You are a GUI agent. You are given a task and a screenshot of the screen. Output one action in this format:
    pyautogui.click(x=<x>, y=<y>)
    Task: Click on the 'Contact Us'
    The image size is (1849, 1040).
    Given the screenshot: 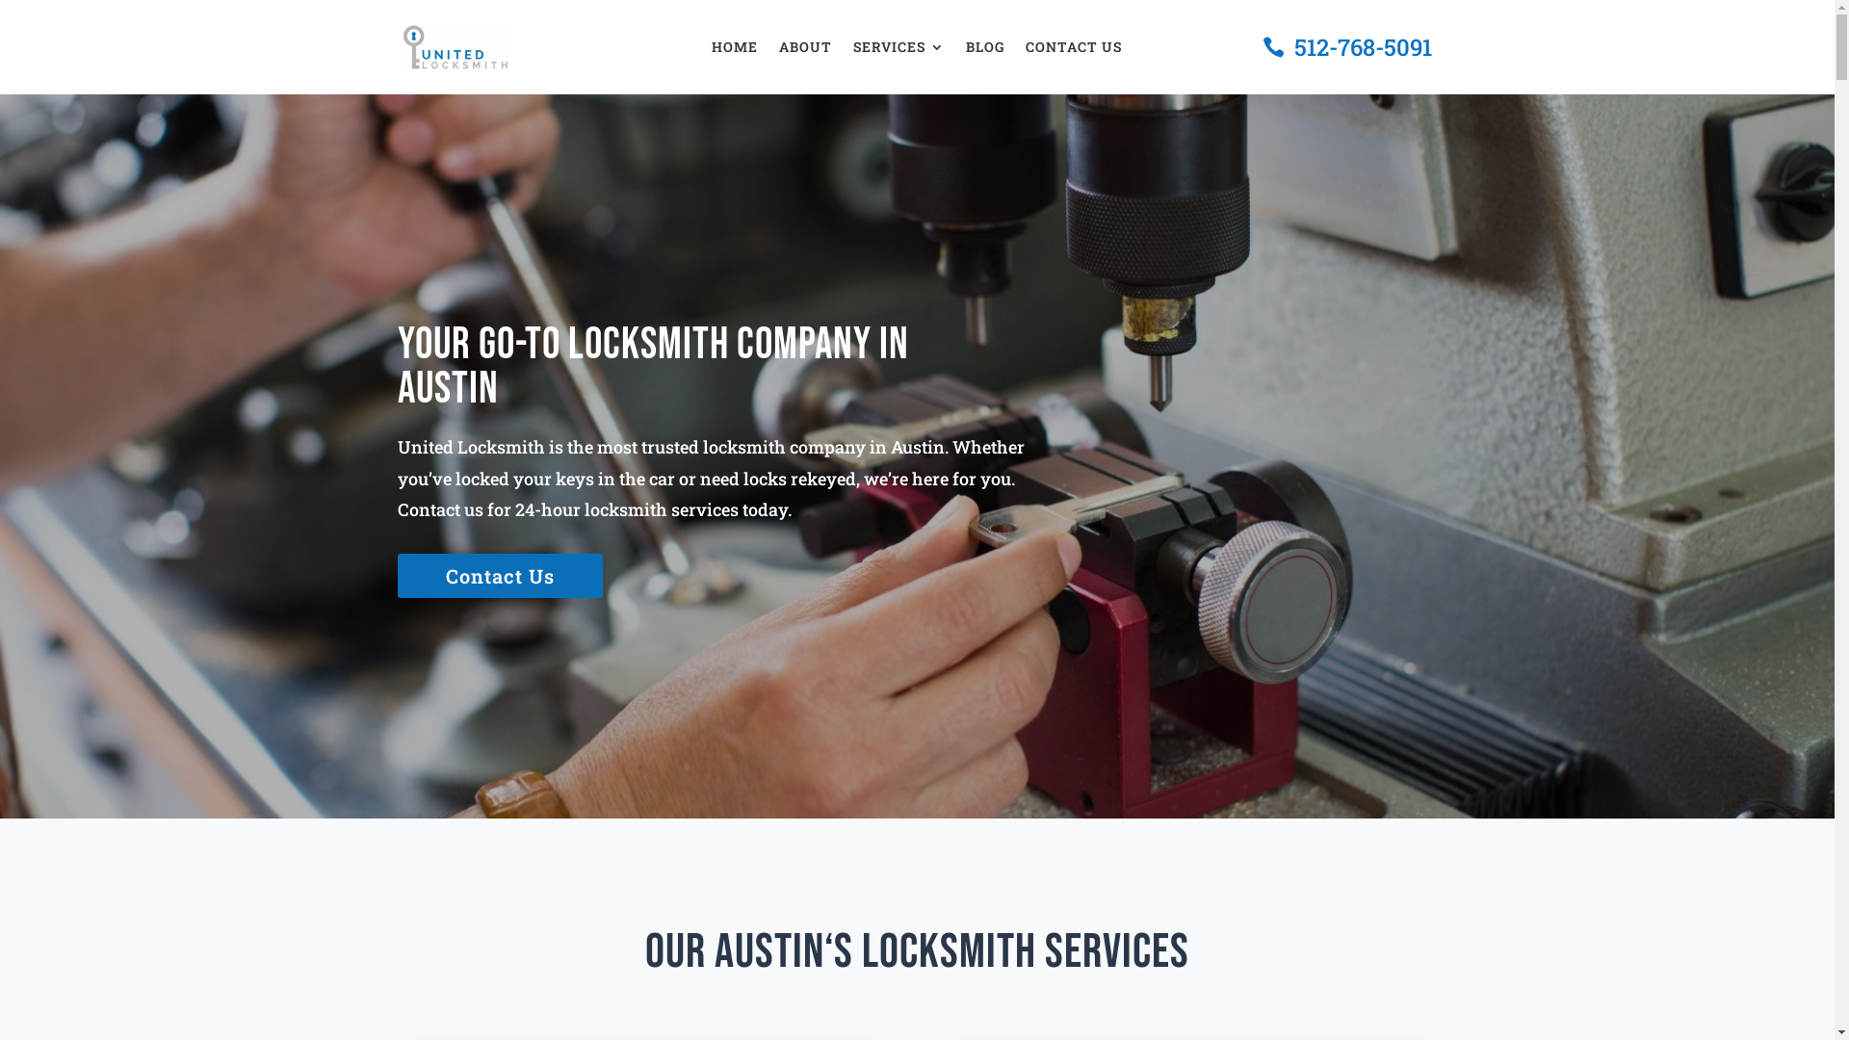 What is the action you would take?
    pyautogui.click(x=396, y=574)
    